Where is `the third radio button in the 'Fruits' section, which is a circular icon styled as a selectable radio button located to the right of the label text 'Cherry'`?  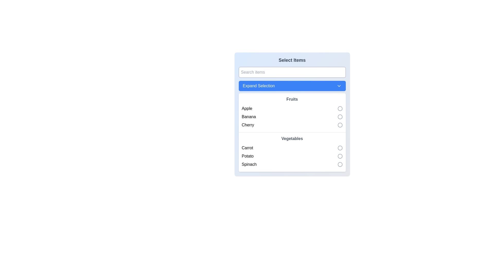
the third radio button in the 'Fruits' section, which is a circular icon styled as a selectable radio button located to the right of the label text 'Cherry' is located at coordinates (340, 125).